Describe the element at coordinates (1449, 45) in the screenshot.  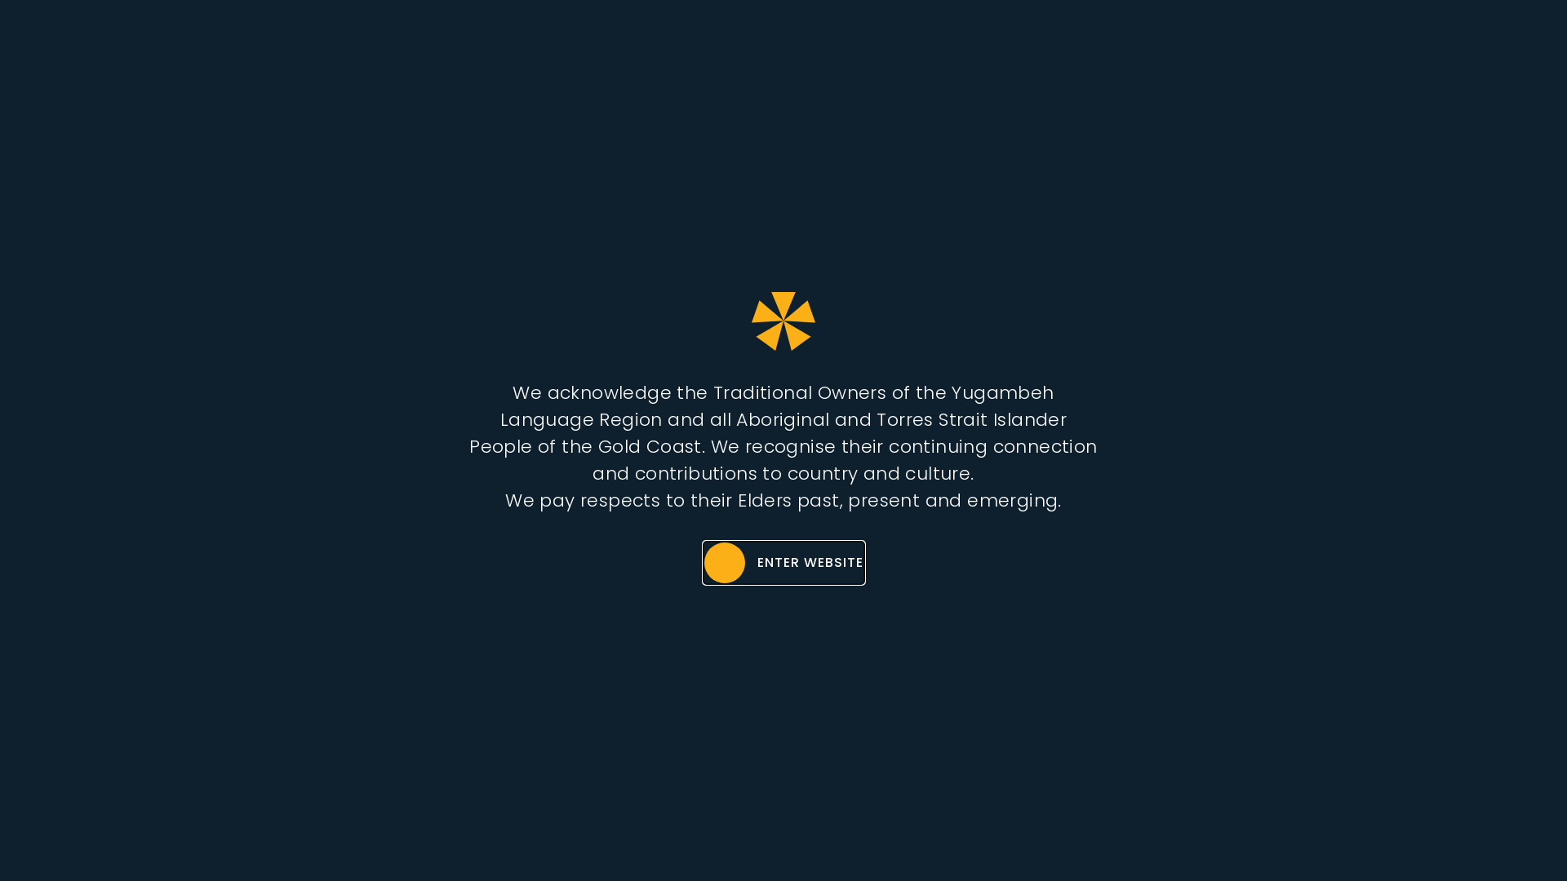
I see `'SIGN UP FOR E-NEWS'` at that location.